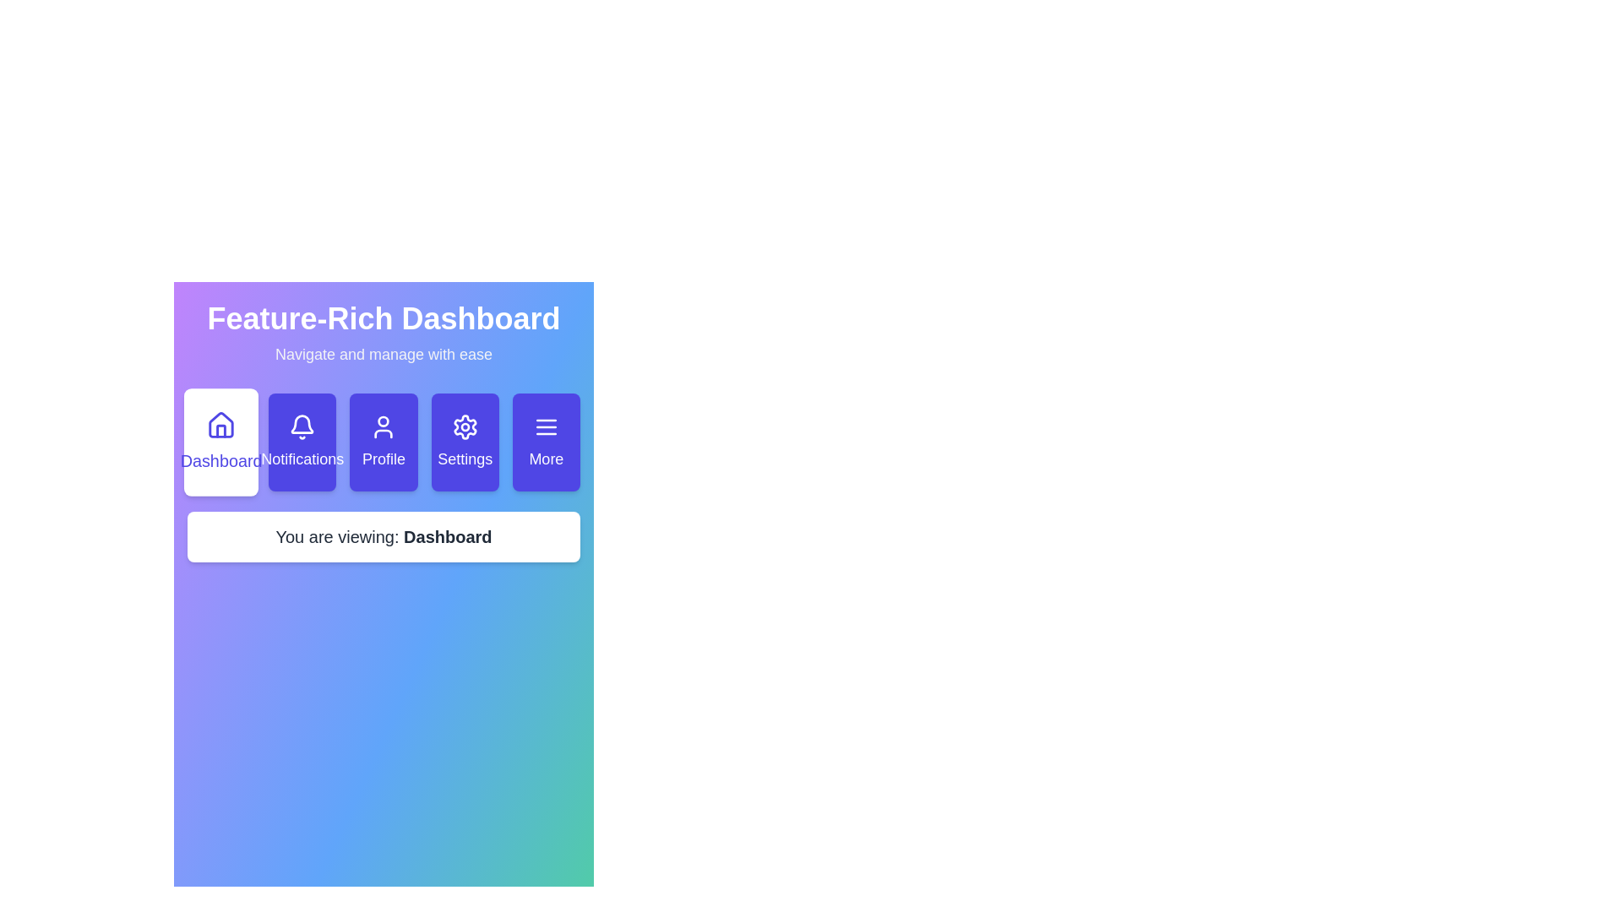  What do you see at coordinates (546, 442) in the screenshot?
I see `the button located at the far-right side of the grid, which navigates to the 'More' section` at bounding box center [546, 442].